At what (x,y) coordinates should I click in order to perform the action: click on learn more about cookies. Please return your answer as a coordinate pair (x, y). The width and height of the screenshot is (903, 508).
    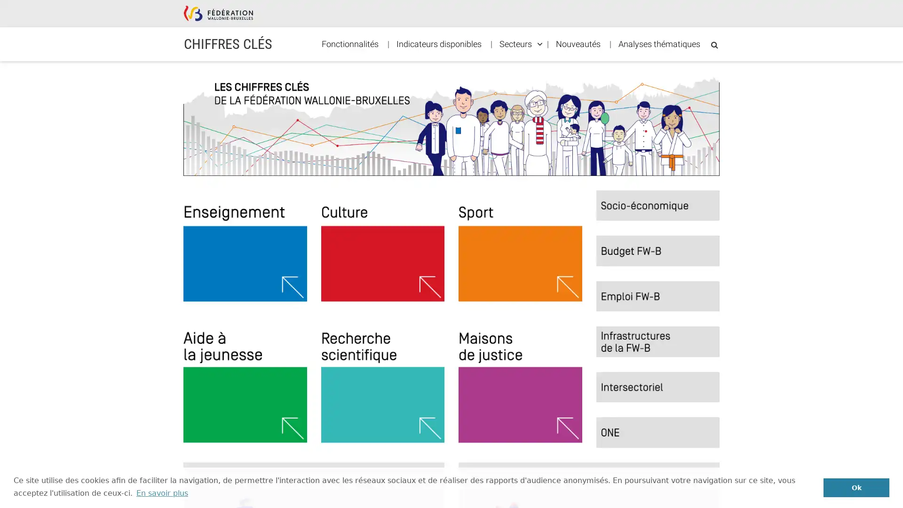
    Looking at the image, I should click on (162, 492).